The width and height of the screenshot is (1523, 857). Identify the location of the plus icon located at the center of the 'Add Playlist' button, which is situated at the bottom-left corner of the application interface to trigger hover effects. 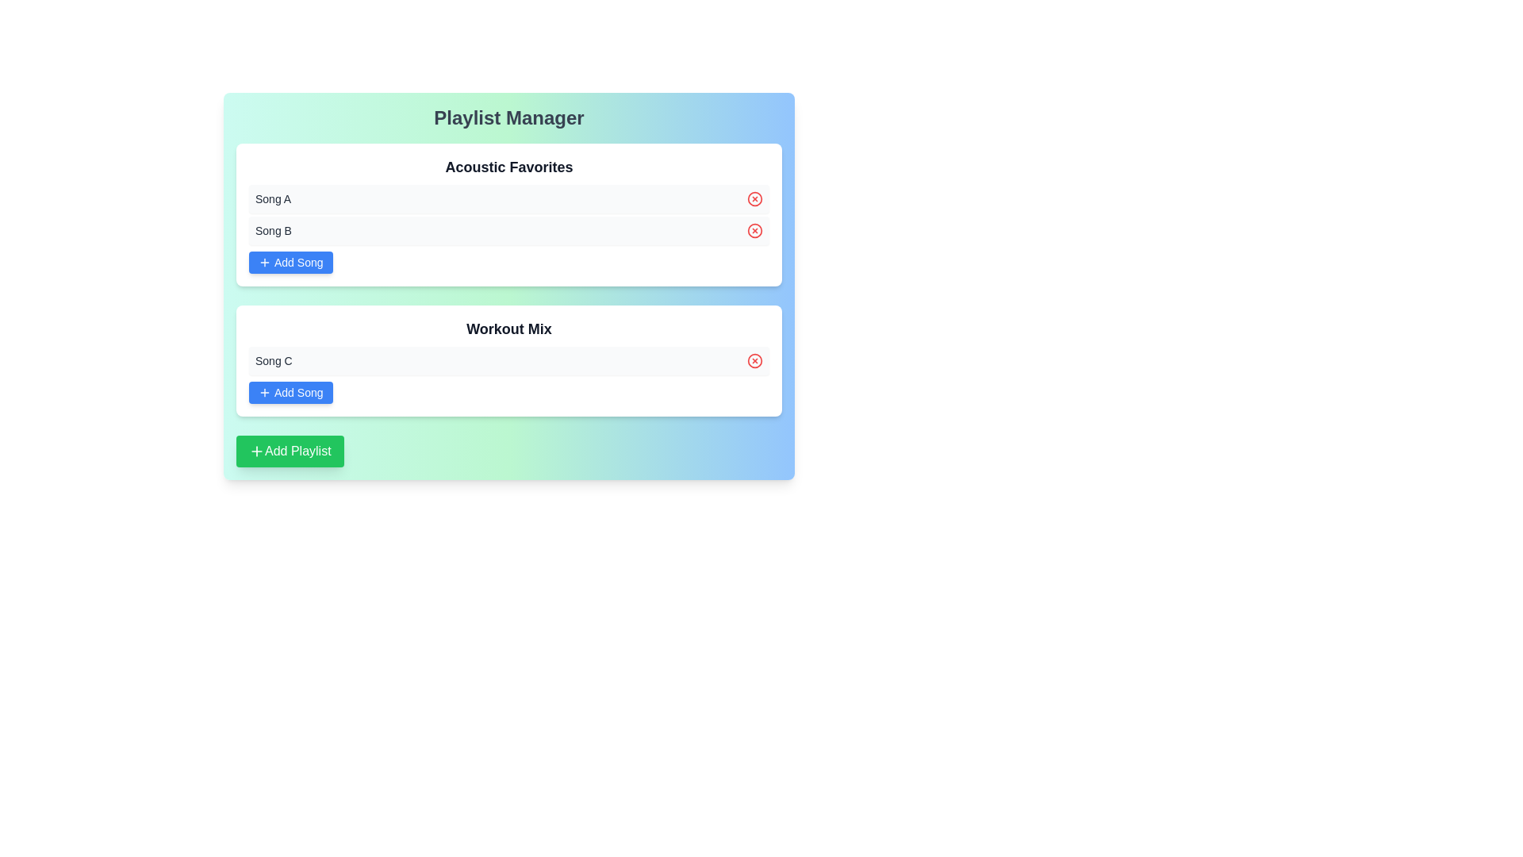
(257, 452).